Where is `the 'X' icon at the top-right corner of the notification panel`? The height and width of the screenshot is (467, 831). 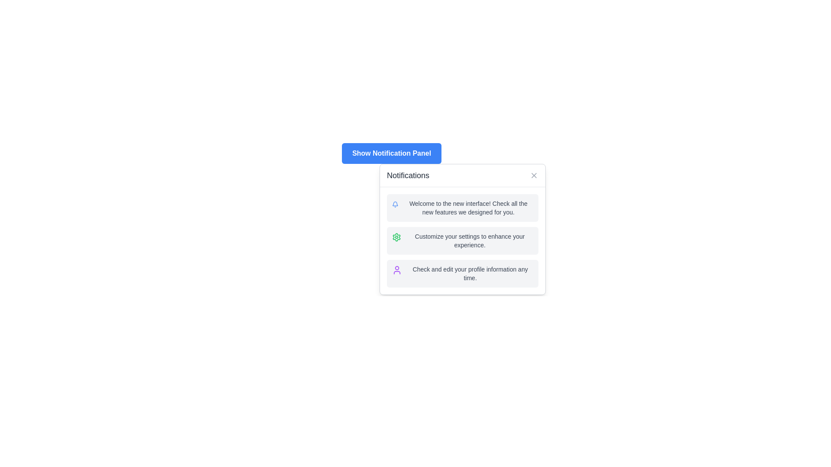
the 'X' icon at the top-right corner of the notification panel is located at coordinates (533, 175).